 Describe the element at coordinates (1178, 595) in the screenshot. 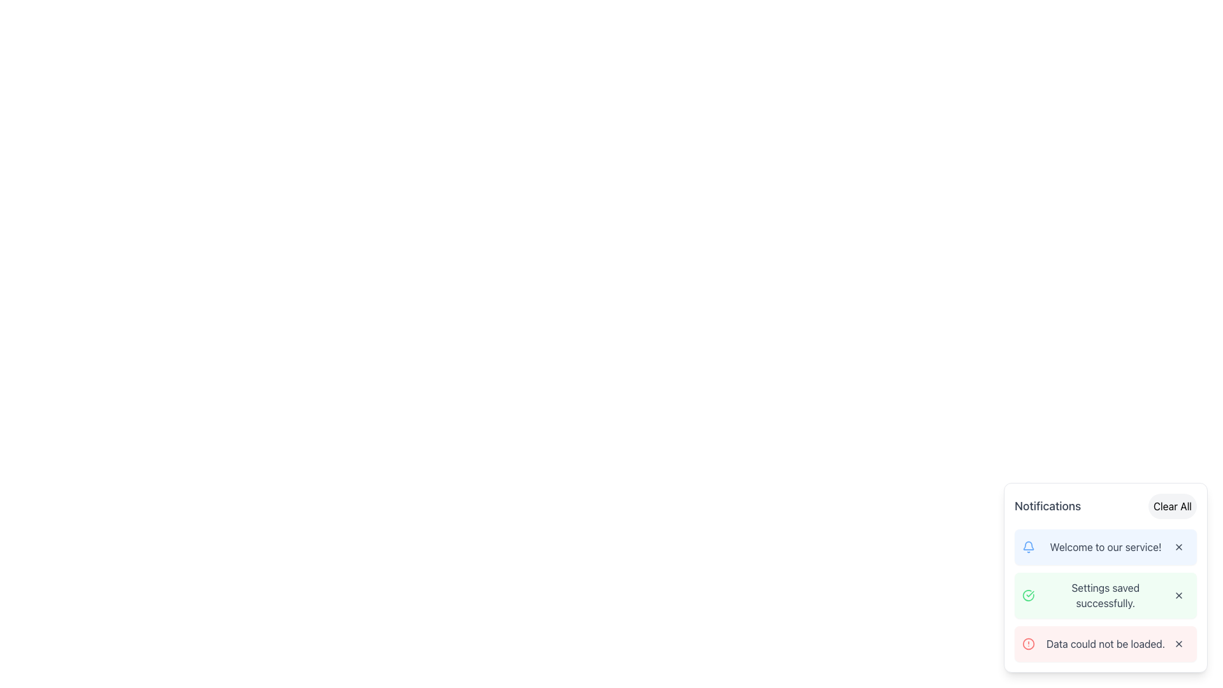

I see `the close icon button located at the far right side of the 'Settings saved successfully' notification card` at that location.